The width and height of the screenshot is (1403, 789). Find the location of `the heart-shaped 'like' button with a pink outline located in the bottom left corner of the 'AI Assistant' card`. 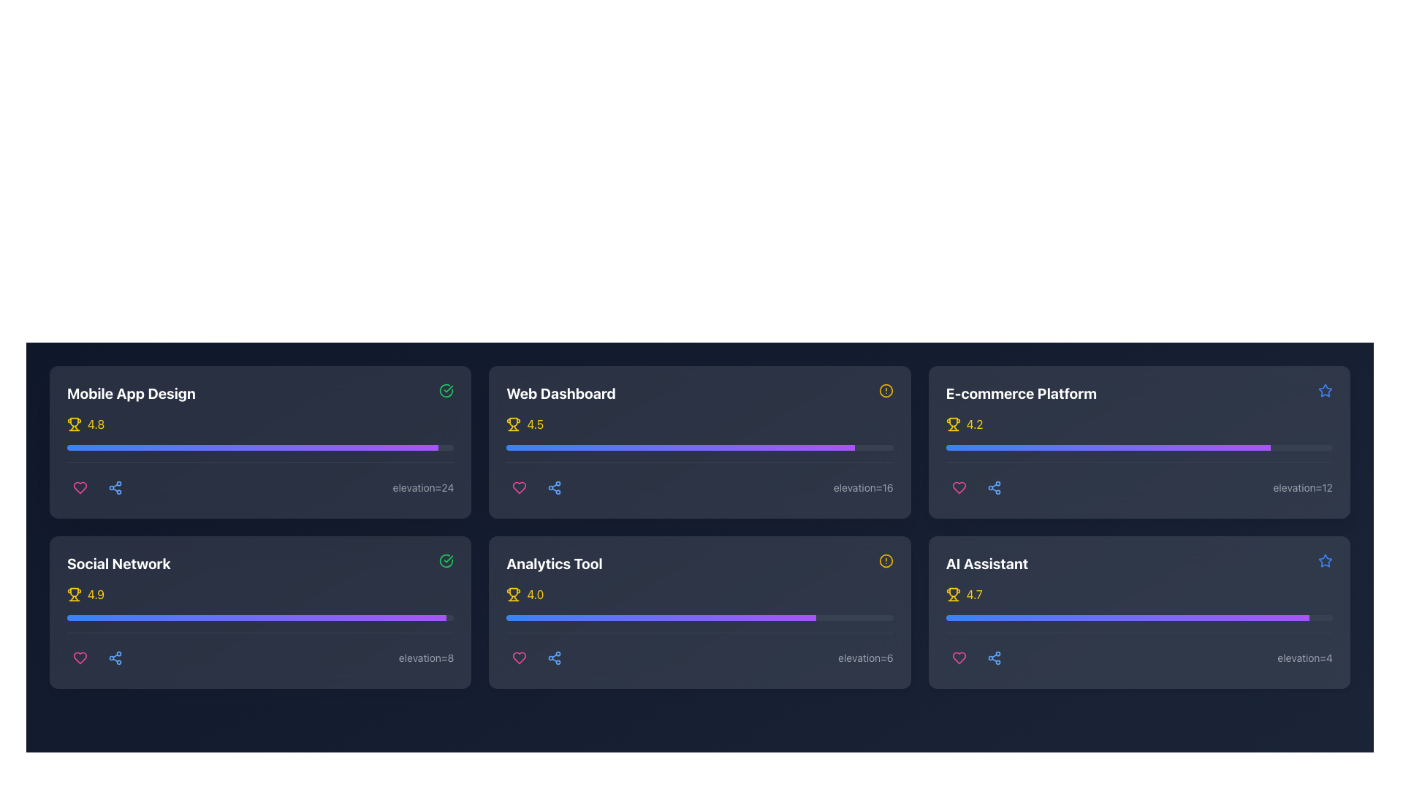

the heart-shaped 'like' button with a pink outline located in the bottom left corner of the 'AI Assistant' card is located at coordinates (959, 658).